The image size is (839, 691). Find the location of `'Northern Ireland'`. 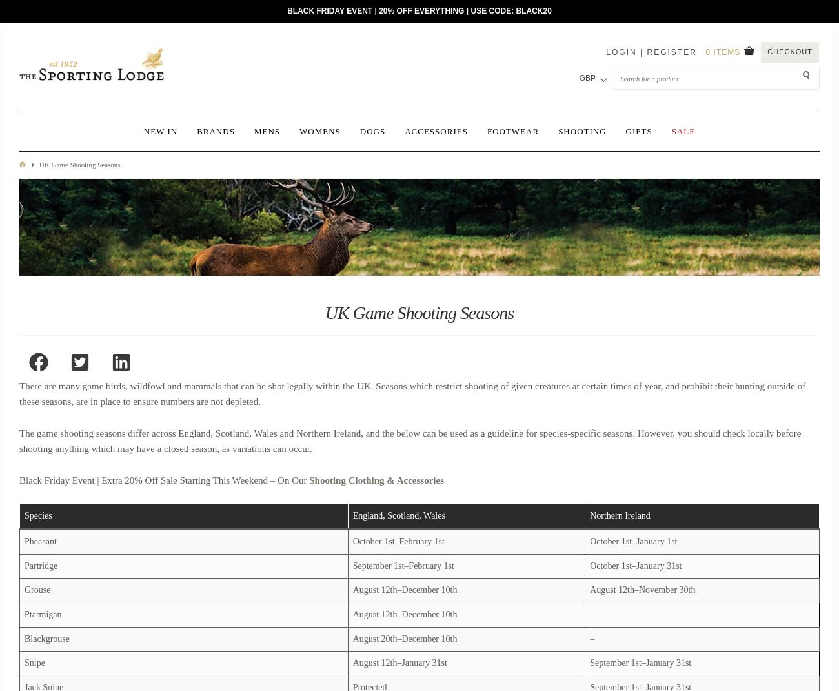

'Northern Ireland' is located at coordinates (620, 515).